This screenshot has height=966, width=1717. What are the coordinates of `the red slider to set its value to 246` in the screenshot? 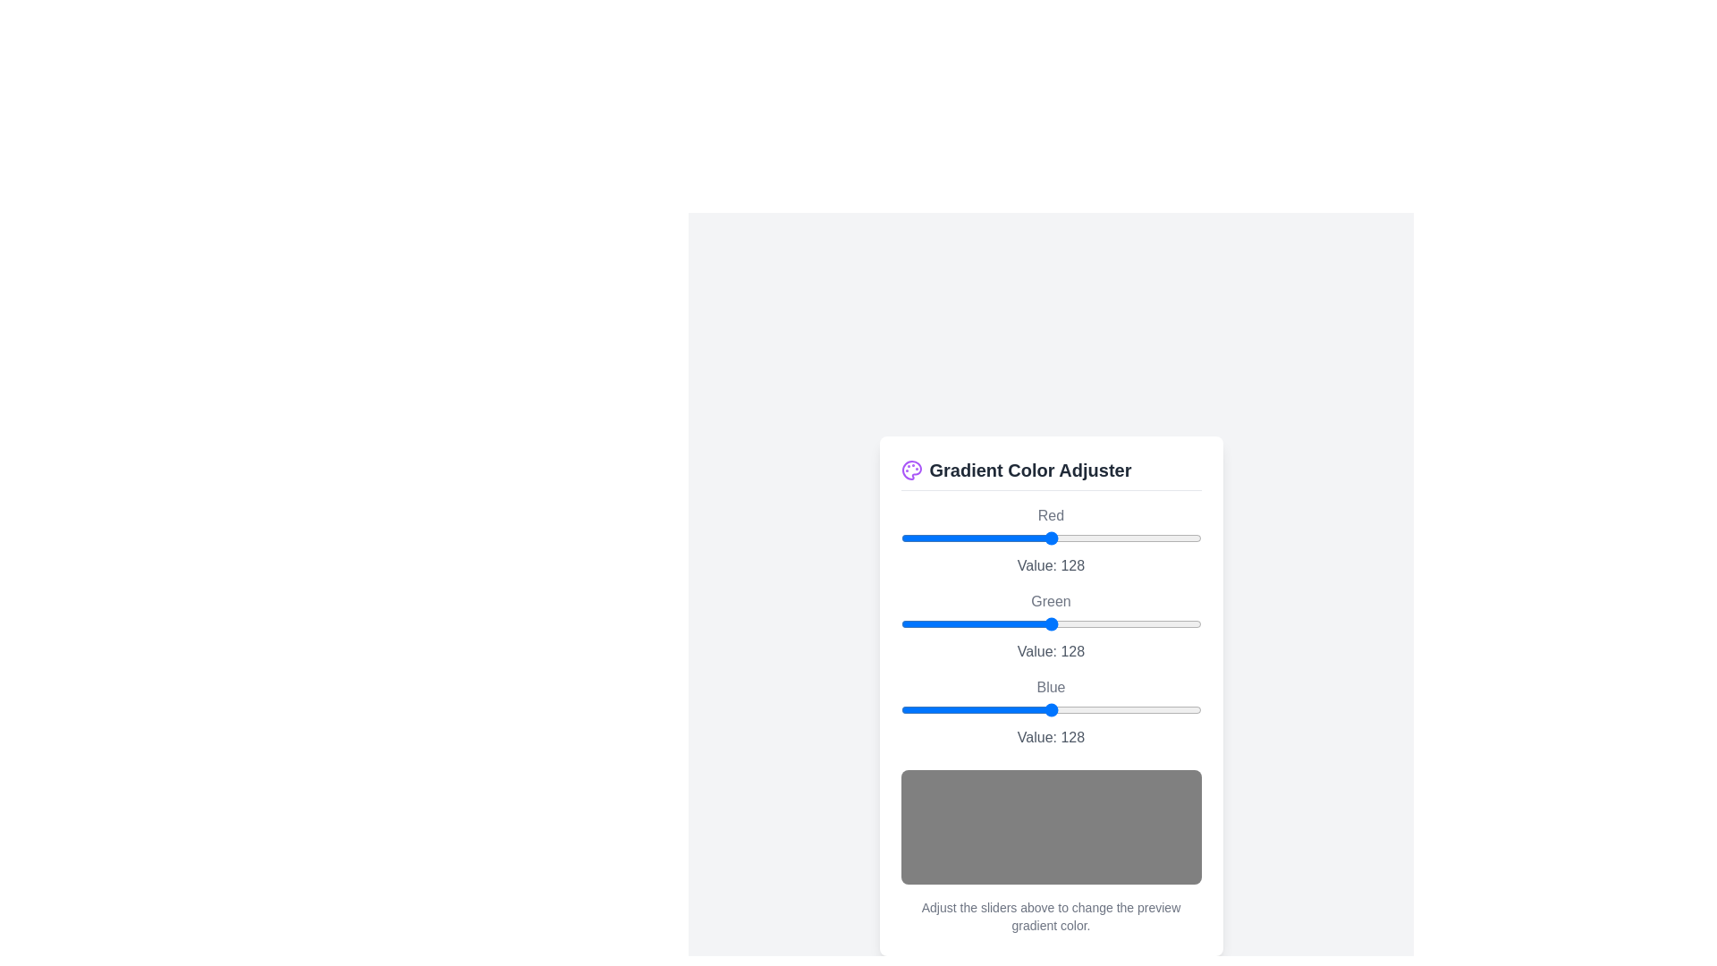 It's located at (1190, 537).